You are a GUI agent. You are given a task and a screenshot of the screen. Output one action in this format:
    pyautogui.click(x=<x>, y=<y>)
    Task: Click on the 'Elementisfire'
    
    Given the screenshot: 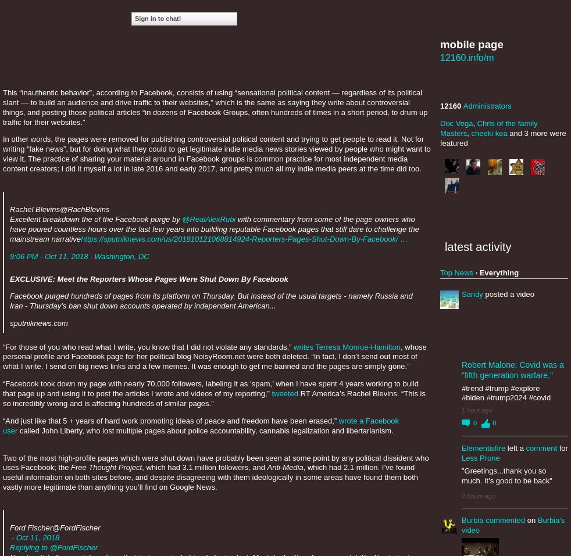 What is the action you would take?
    pyautogui.click(x=484, y=447)
    